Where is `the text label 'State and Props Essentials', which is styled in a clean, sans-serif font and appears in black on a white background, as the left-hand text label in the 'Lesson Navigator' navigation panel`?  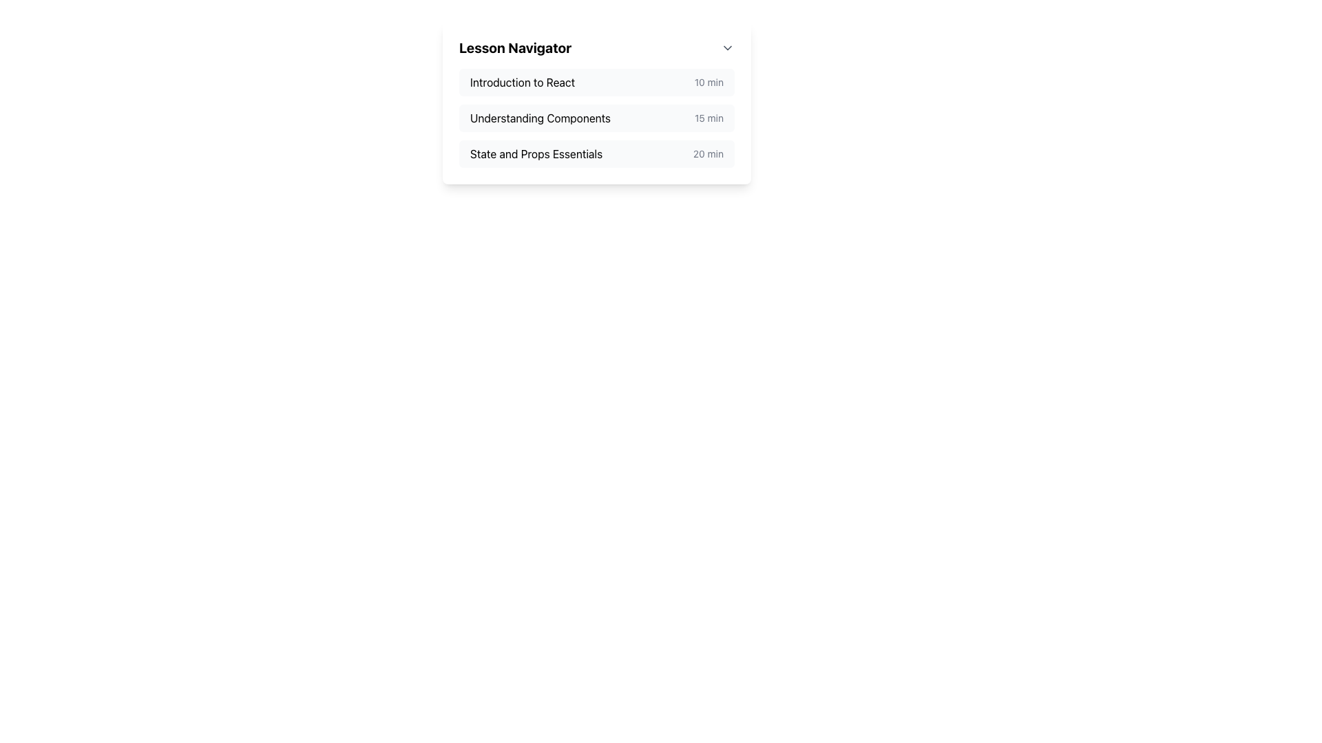 the text label 'State and Props Essentials', which is styled in a clean, sans-serif font and appears in black on a white background, as the left-hand text label in the 'Lesson Navigator' navigation panel is located at coordinates (536, 153).